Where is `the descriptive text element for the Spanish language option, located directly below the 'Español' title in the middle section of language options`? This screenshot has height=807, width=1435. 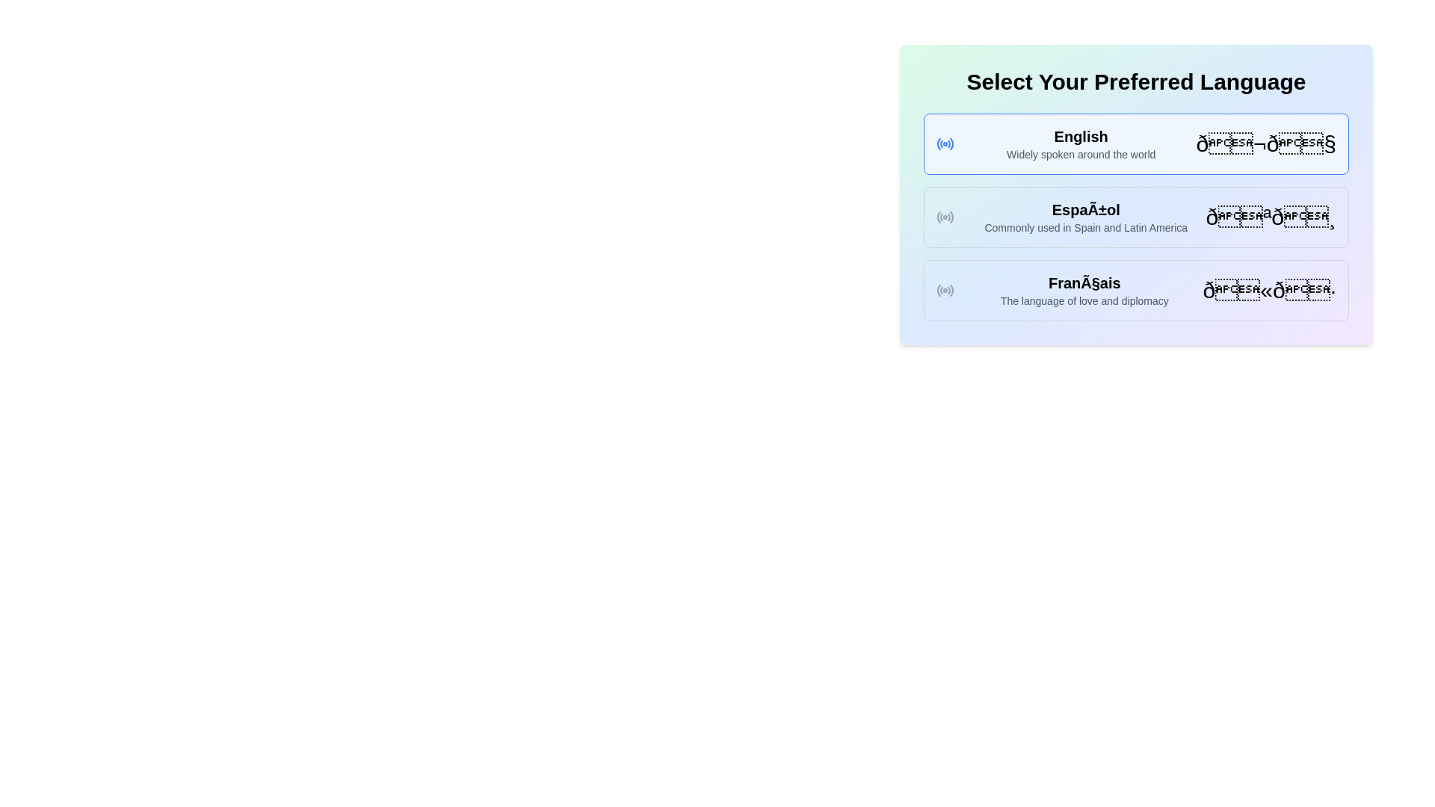
the descriptive text element for the Spanish language option, located directly below the 'Español' title in the middle section of language options is located at coordinates (1086, 227).